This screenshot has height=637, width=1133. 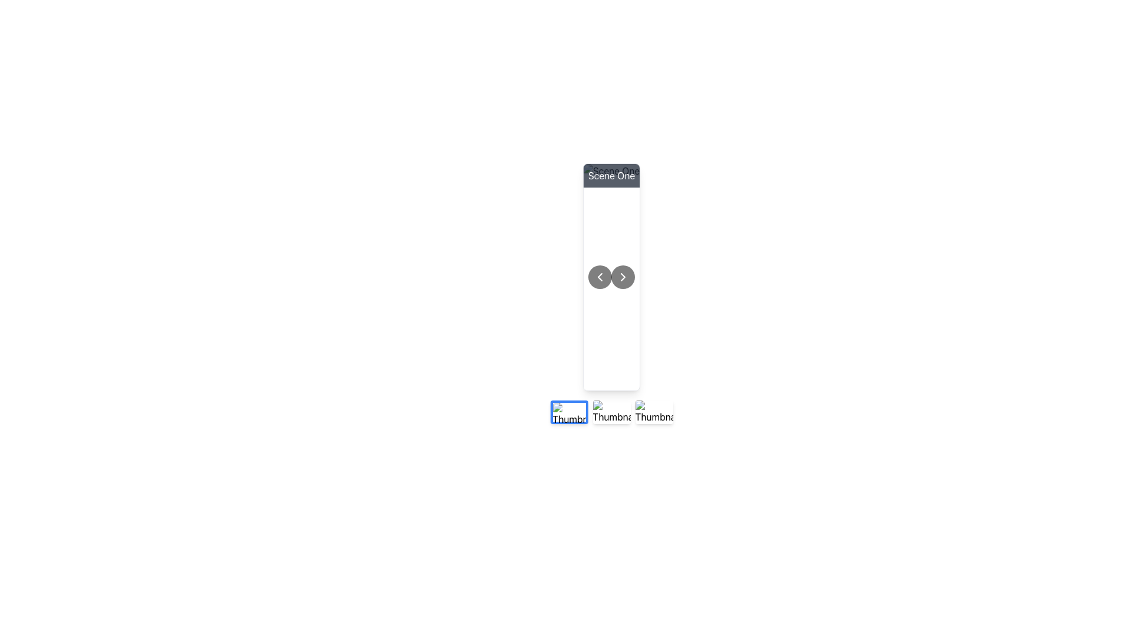 What do you see at coordinates (611, 411) in the screenshot?
I see `the interactive thumbnail in the group of three thumbnails under 'Scene One'` at bounding box center [611, 411].